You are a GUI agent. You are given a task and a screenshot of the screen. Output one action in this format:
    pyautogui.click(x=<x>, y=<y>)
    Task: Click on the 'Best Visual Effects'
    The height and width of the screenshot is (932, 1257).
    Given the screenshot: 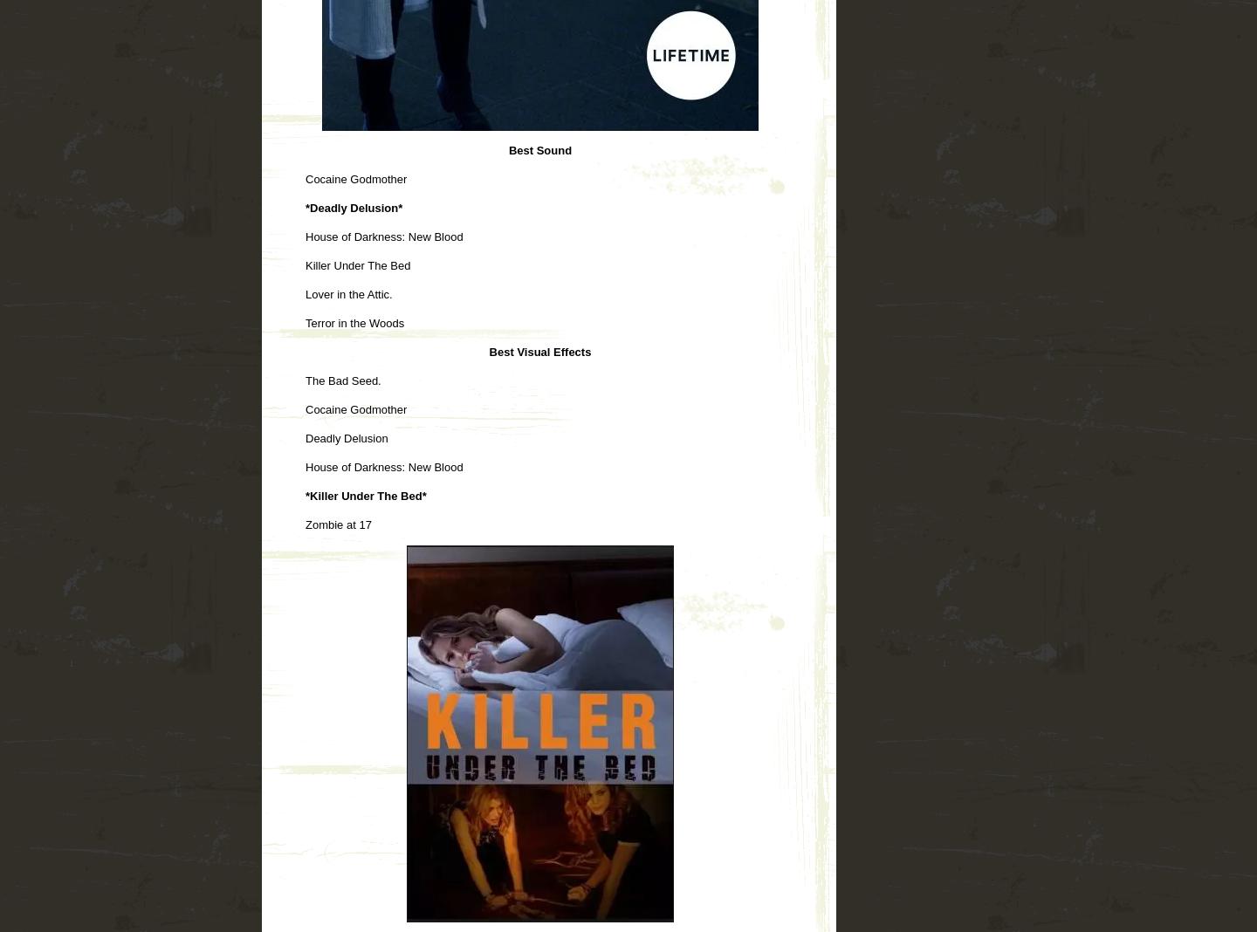 What is the action you would take?
    pyautogui.click(x=539, y=351)
    